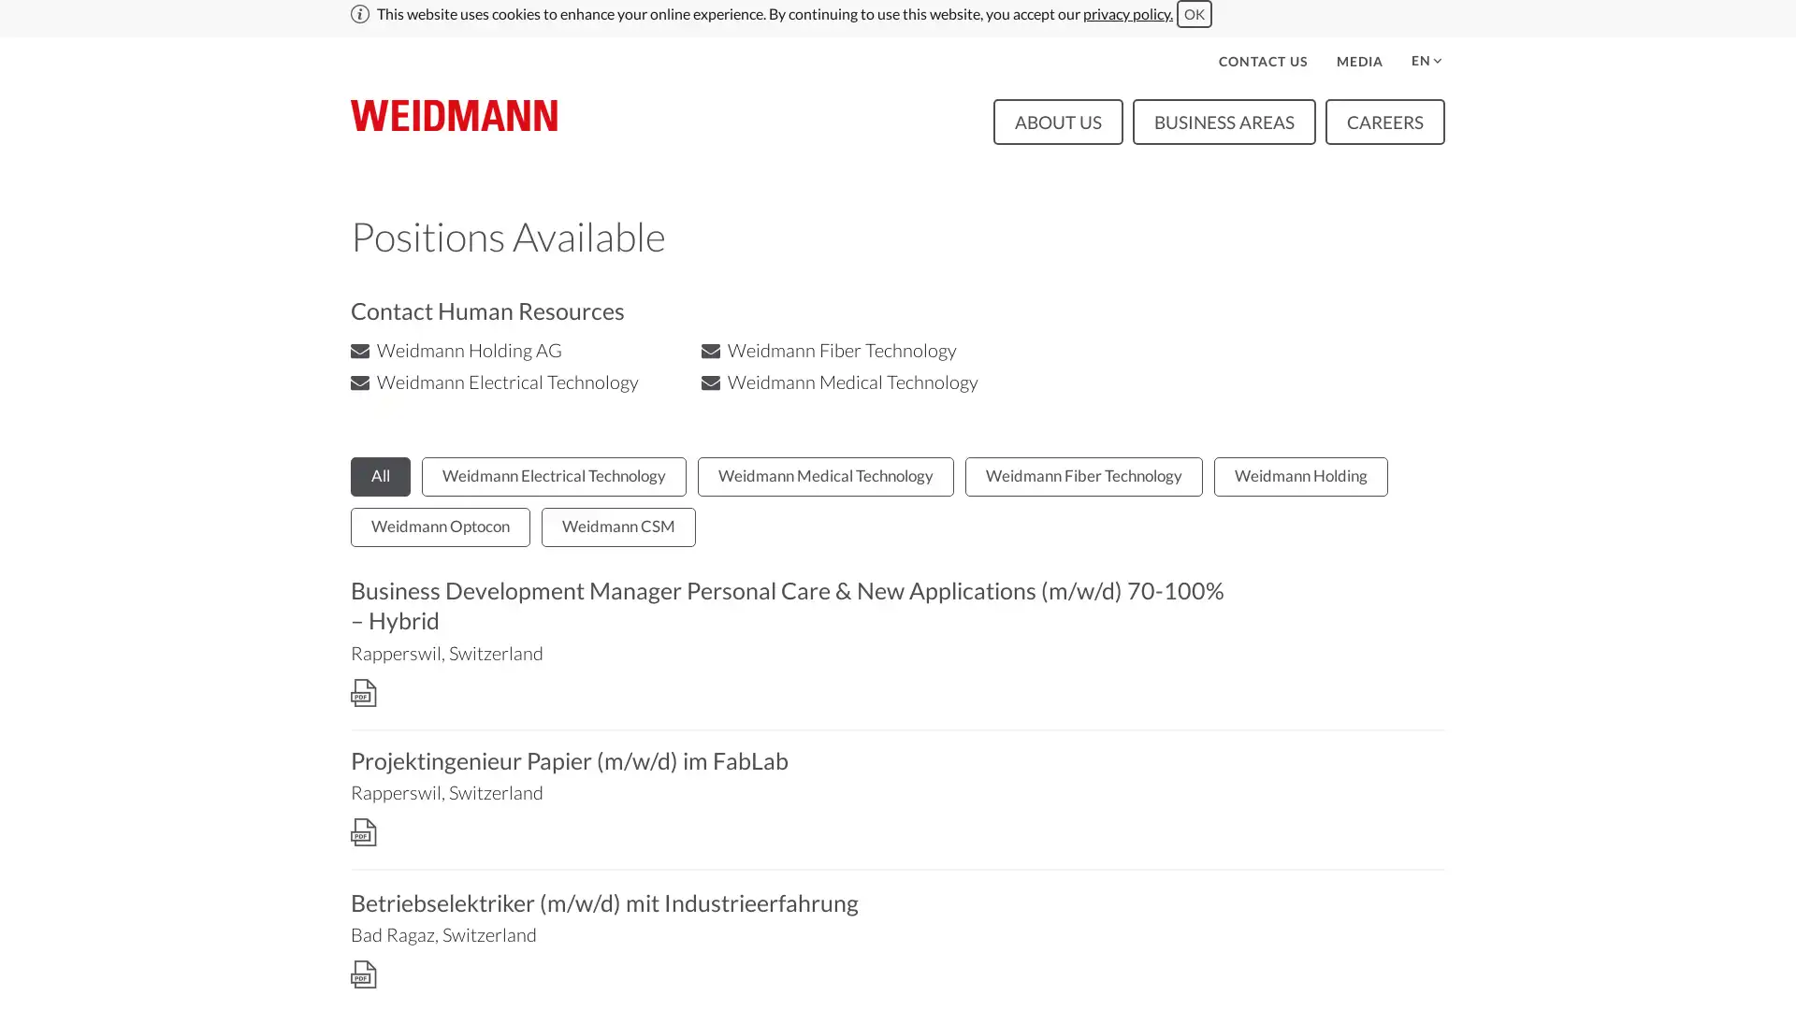  What do you see at coordinates (553, 439) in the screenshot?
I see `Weidmann Electrical Technology` at bounding box center [553, 439].